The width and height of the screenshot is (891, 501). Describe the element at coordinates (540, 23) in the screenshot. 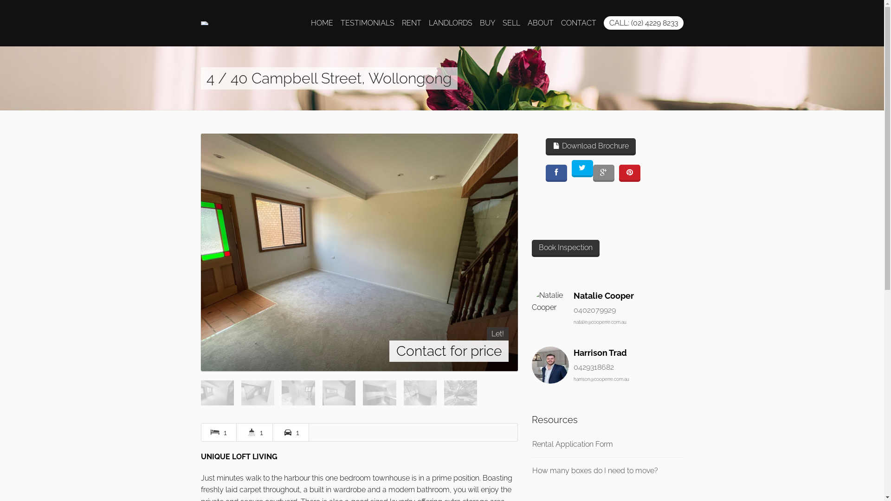

I see `'ABOUT'` at that location.